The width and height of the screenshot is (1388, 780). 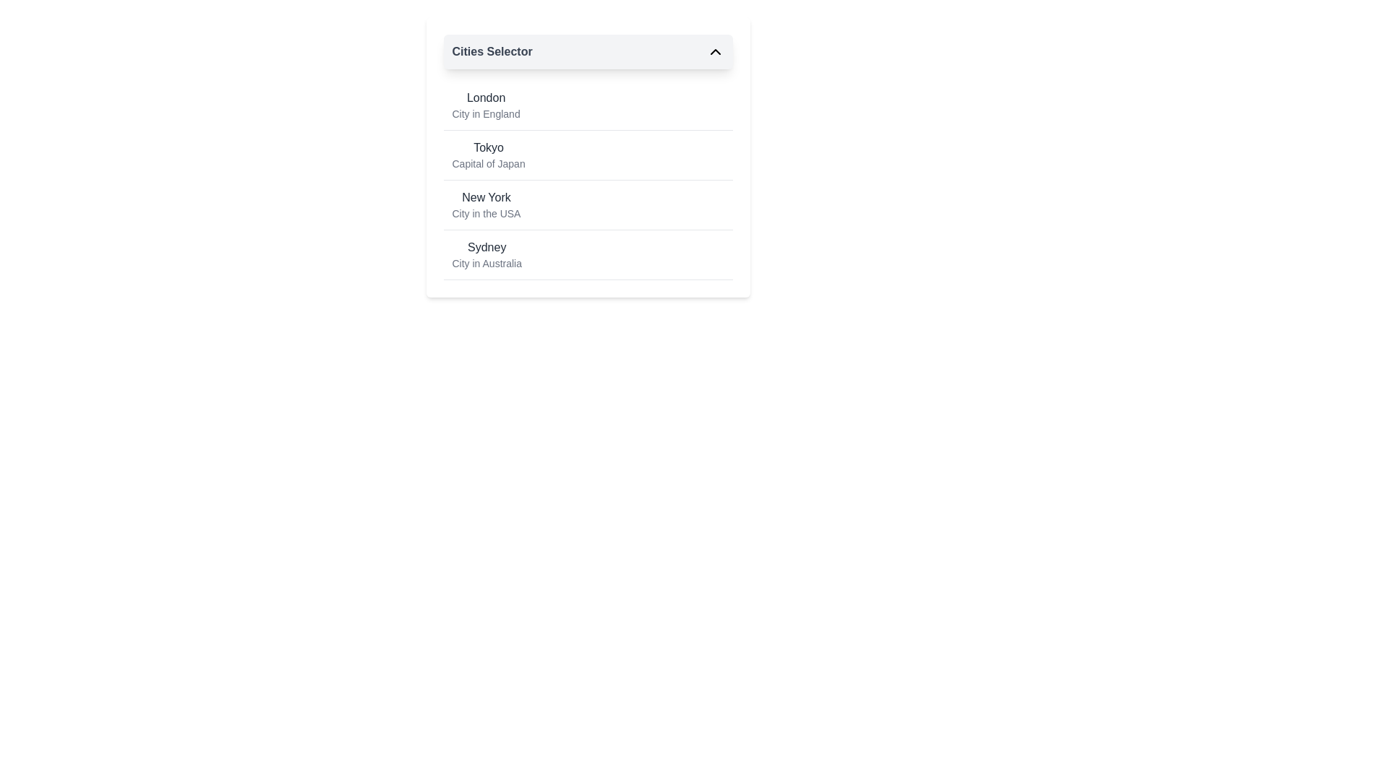 What do you see at coordinates (489, 147) in the screenshot?
I see `the text label reading 'Tokyo', which is styled in medium-bold gray font and is the top line in the second item of the 'Cities Selector' list` at bounding box center [489, 147].